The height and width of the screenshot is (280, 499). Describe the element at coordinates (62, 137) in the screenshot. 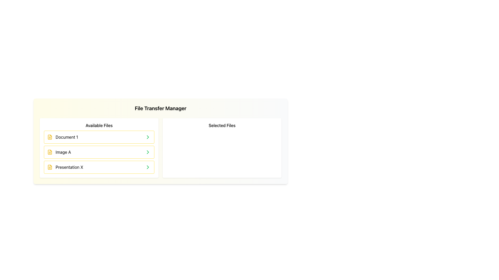

I see `the first list item labeled 'Document 1'` at that location.